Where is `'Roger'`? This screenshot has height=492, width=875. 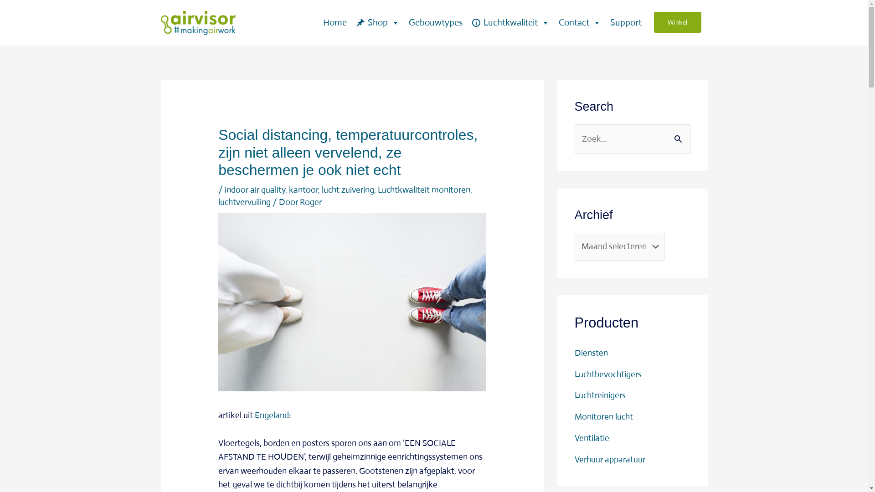 'Roger' is located at coordinates (310, 201).